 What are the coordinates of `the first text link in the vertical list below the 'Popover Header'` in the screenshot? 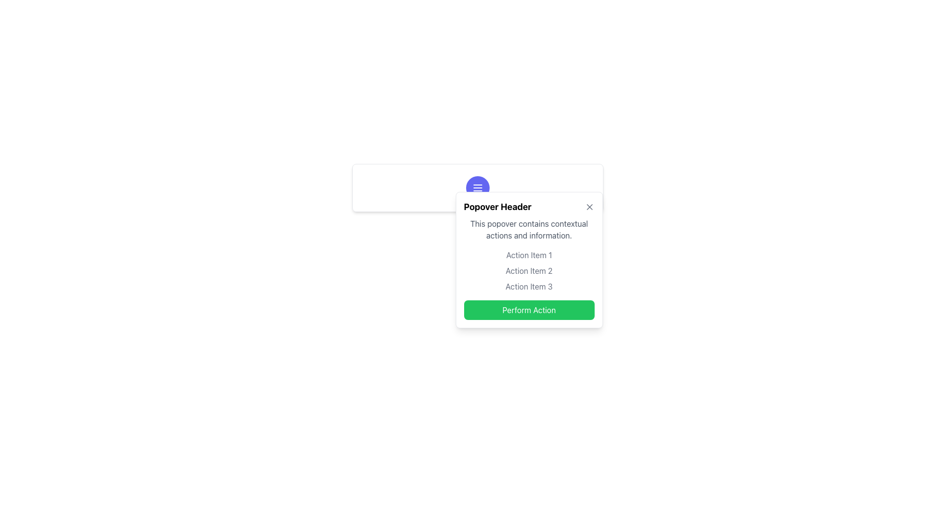 It's located at (528, 255).